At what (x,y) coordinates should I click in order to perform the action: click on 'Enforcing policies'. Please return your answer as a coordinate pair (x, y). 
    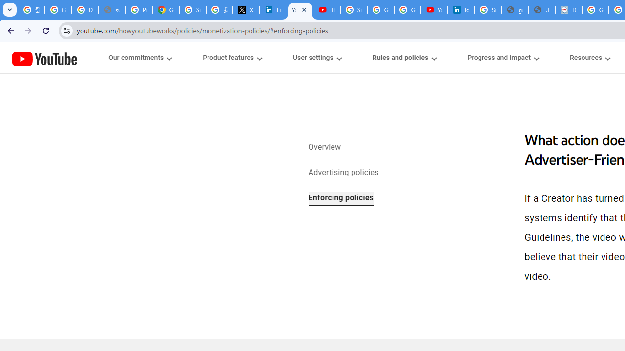
    Looking at the image, I should click on (341, 198).